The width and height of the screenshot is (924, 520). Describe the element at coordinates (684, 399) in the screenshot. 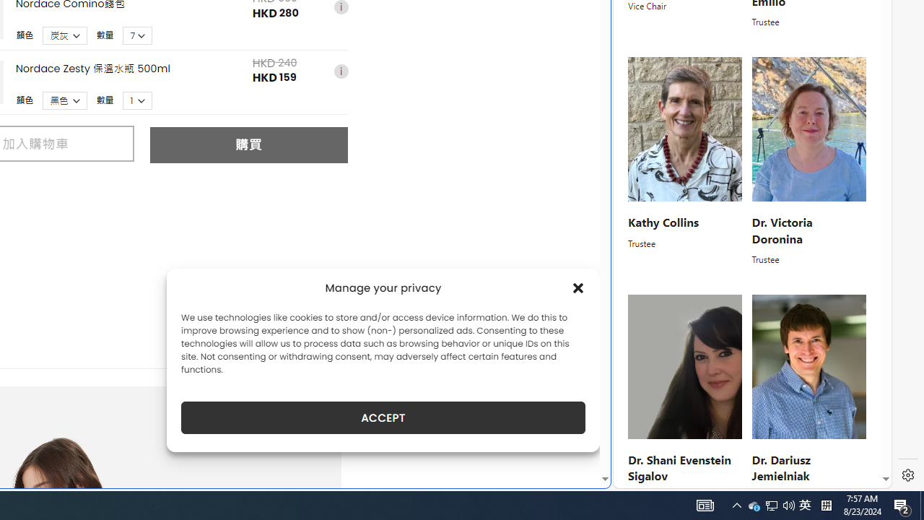

I see `'Dr. Shani Evenstein SigalovTrustee'` at that location.